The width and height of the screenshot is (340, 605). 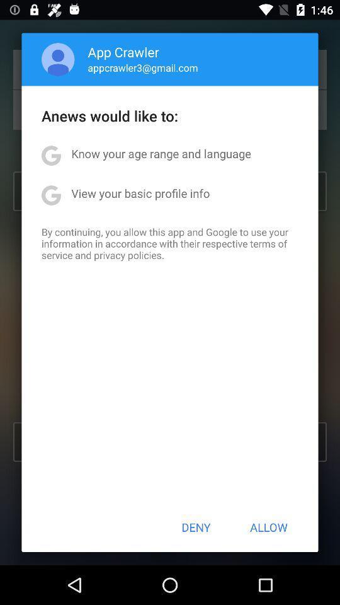 I want to click on the app above the anews would like, so click(x=142, y=67).